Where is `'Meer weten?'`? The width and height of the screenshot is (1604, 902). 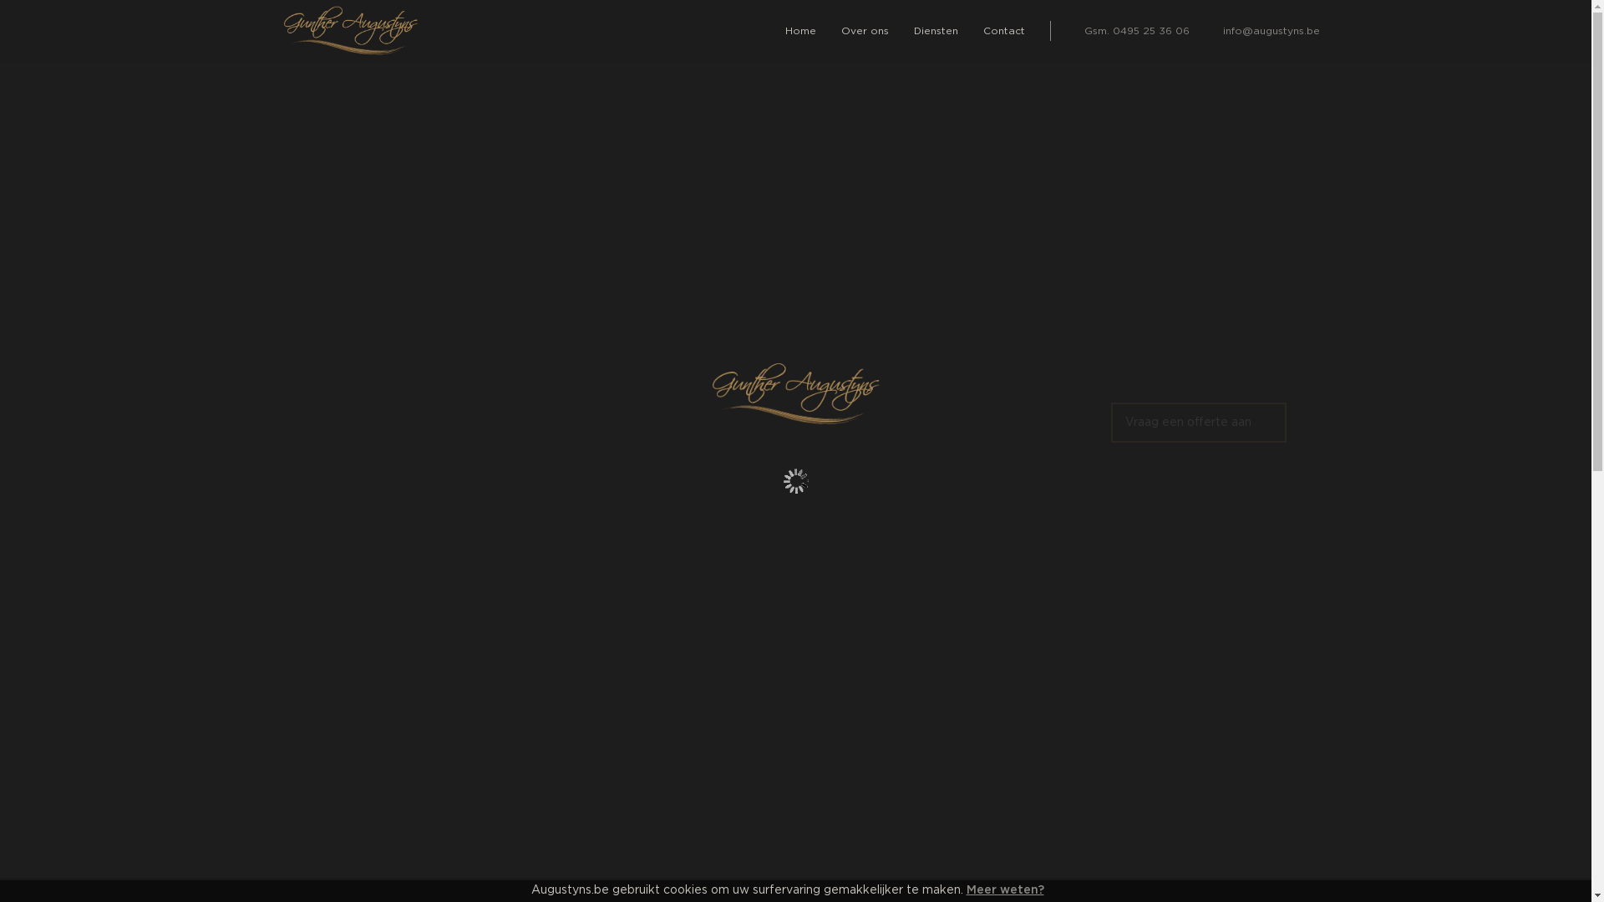
'Meer weten?' is located at coordinates (966, 889).